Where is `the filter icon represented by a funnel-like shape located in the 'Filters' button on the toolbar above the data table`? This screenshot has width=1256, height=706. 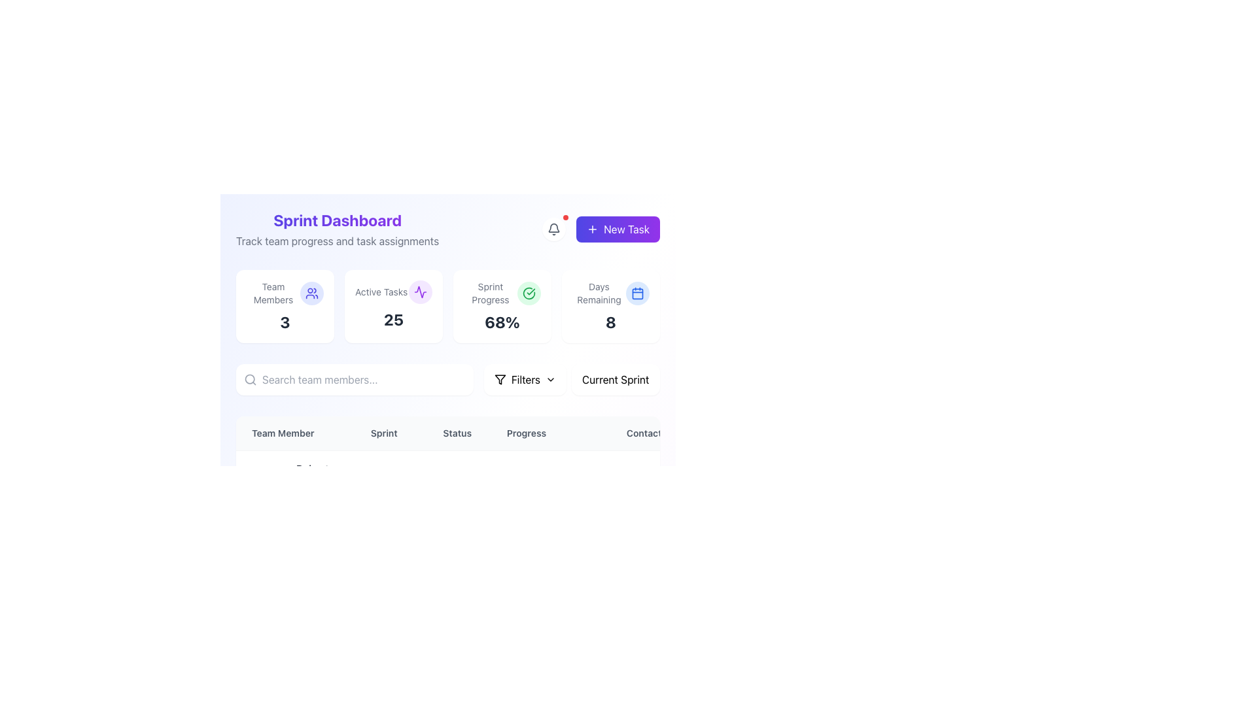 the filter icon represented by a funnel-like shape located in the 'Filters' button on the toolbar above the data table is located at coordinates (499, 380).